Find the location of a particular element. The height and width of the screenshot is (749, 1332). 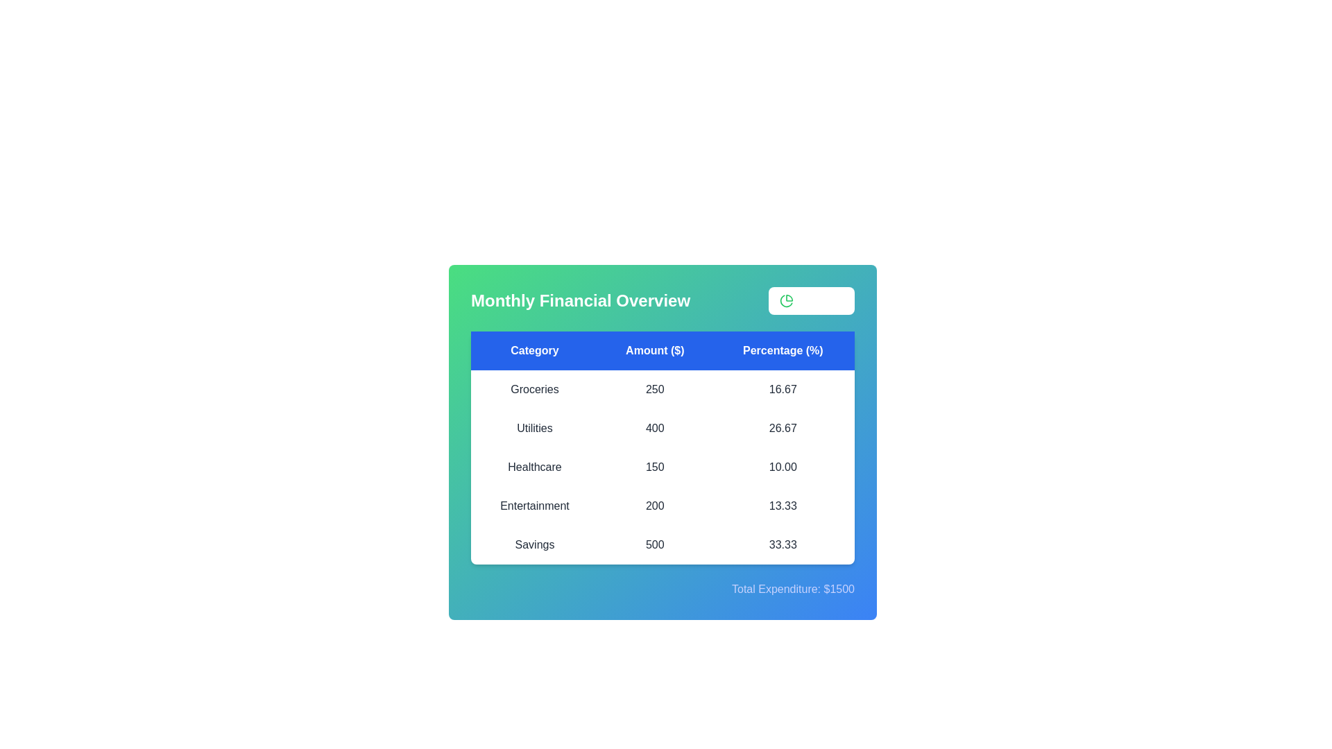

the table row corresponding to Utilities is located at coordinates (662, 427).